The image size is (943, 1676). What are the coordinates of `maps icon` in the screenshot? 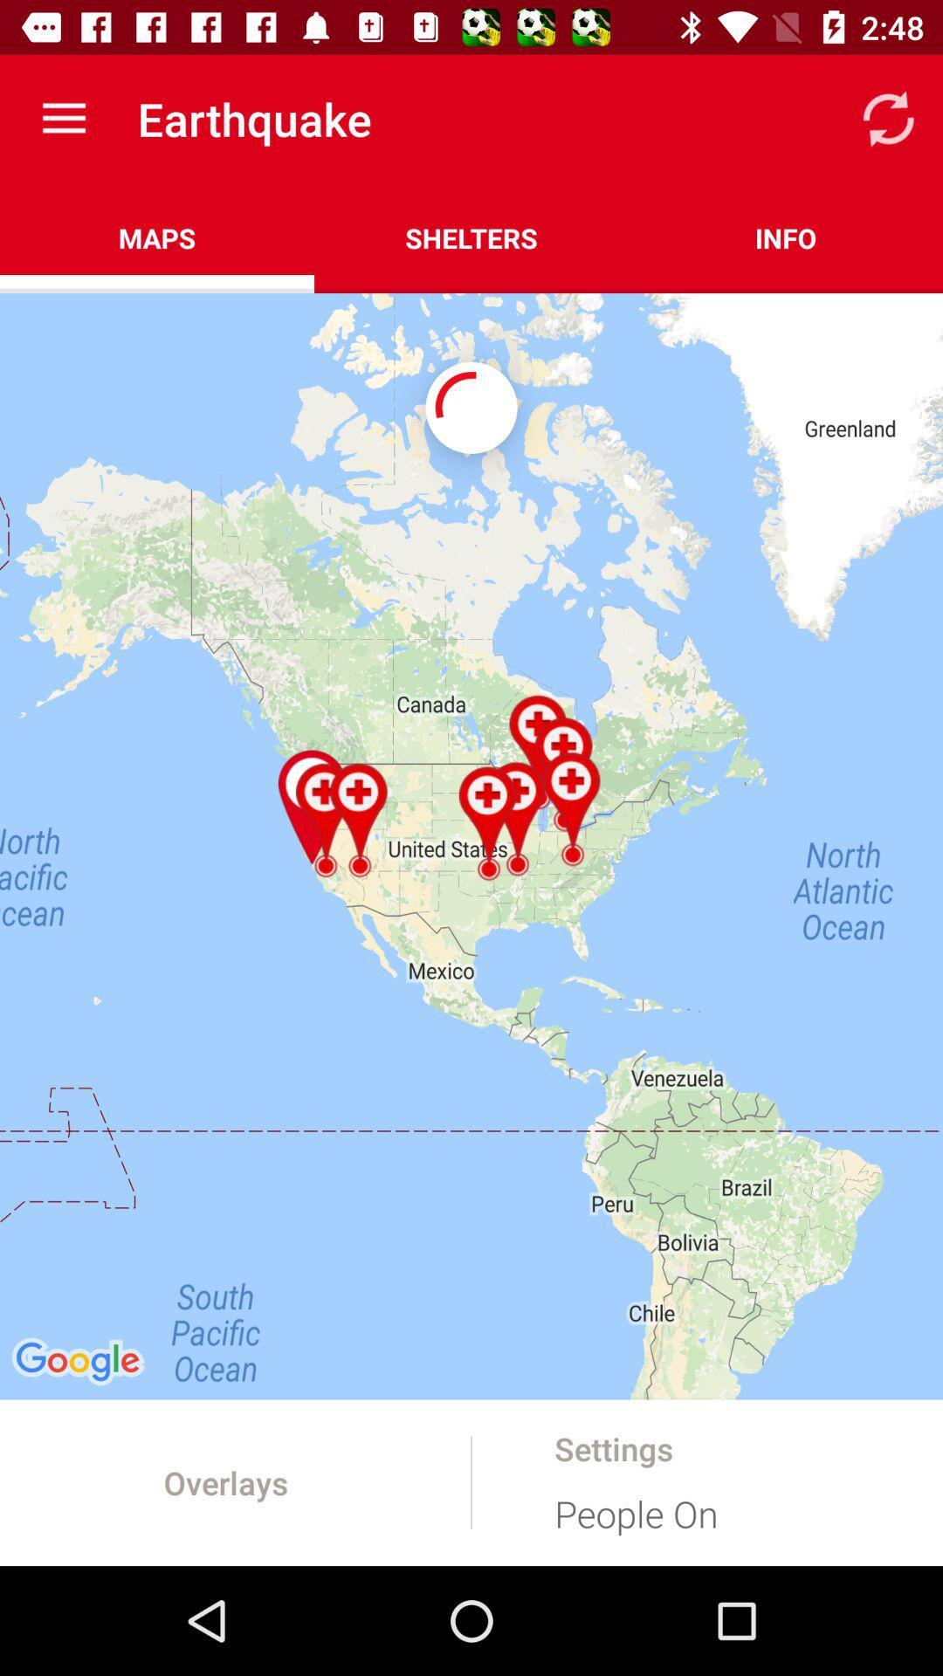 It's located at (157, 237).